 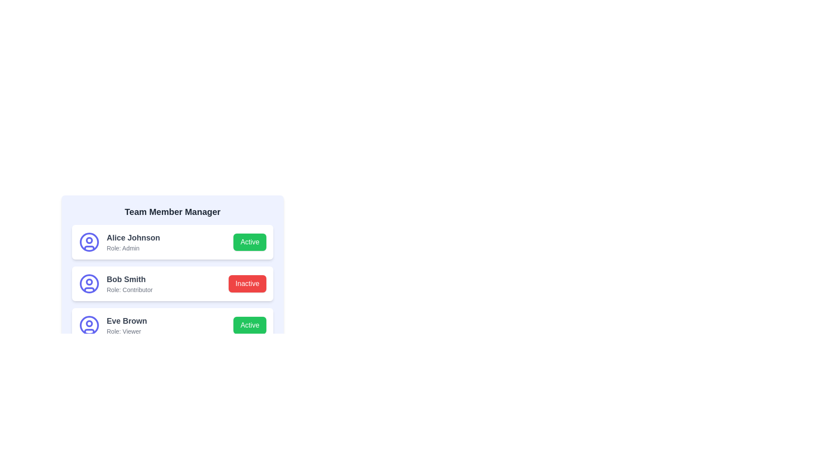 I want to click on the status button within the 'Team Member Manager' card, which has a light blue background and contains team member sections, so click(x=173, y=274).